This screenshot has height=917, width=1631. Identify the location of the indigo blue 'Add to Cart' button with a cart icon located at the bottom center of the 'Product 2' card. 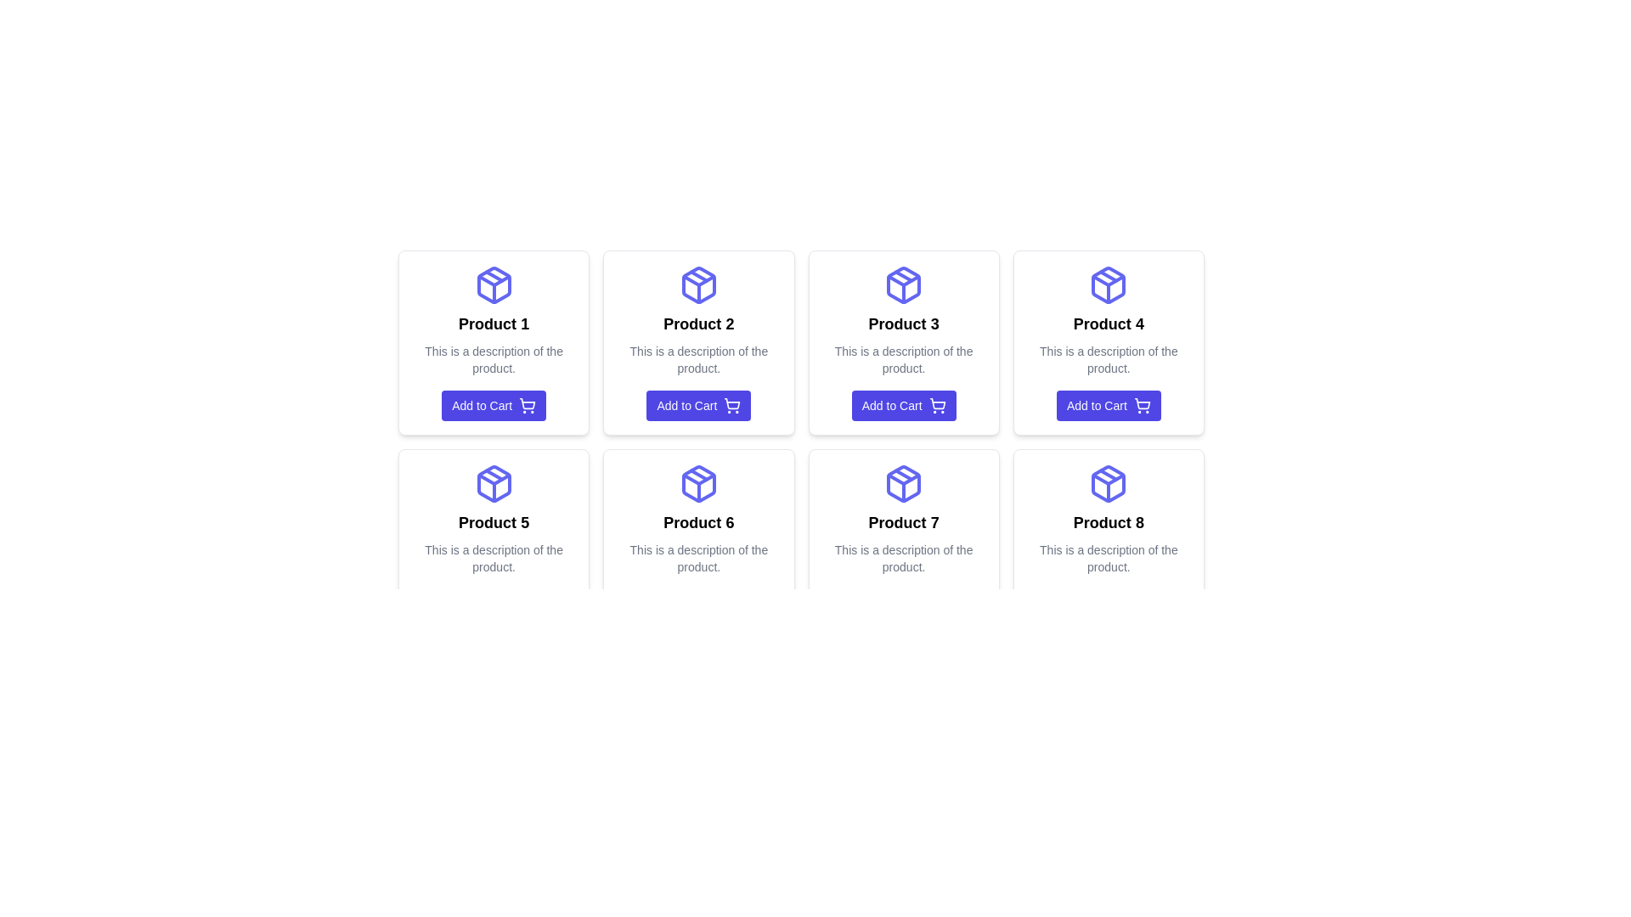
(698, 406).